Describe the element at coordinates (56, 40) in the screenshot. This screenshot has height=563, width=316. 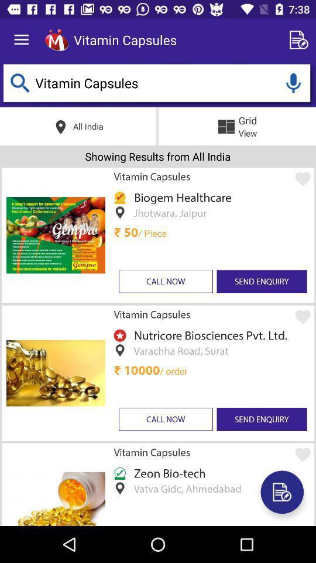
I see `application bar` at that location.